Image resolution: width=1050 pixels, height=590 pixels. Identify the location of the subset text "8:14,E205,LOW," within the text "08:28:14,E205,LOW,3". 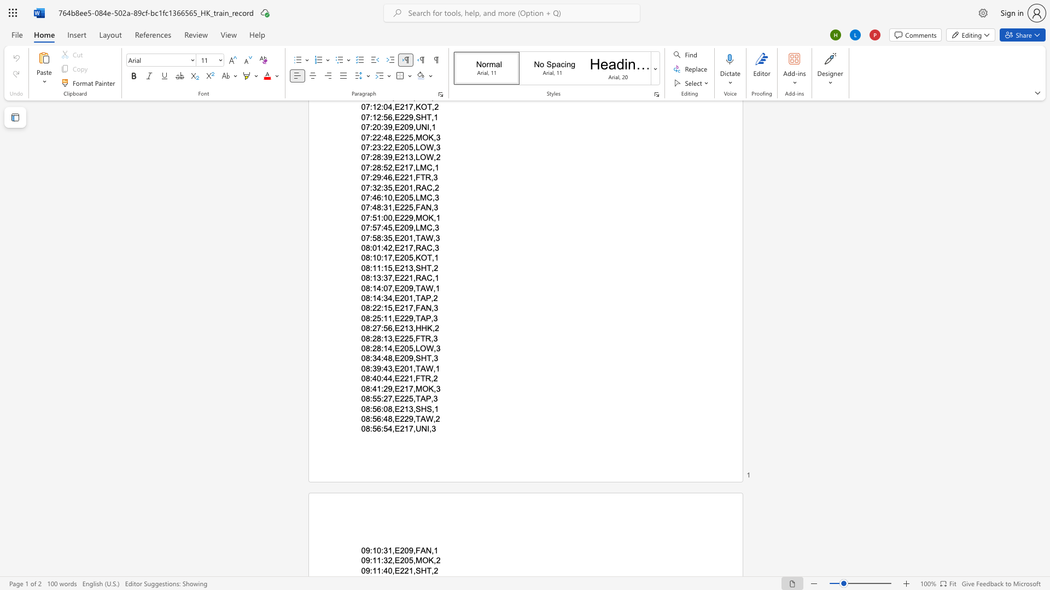
(377, 349).